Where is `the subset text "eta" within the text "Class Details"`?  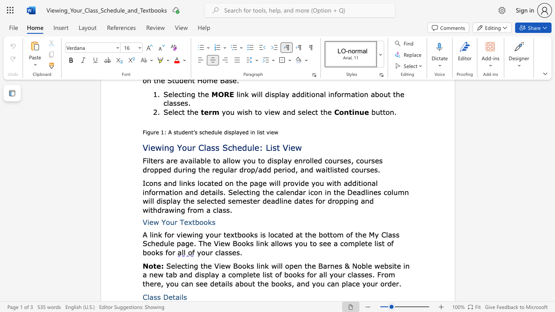
the subset text "eta" within the text "Class Details" is located at coordinates (168, 296).